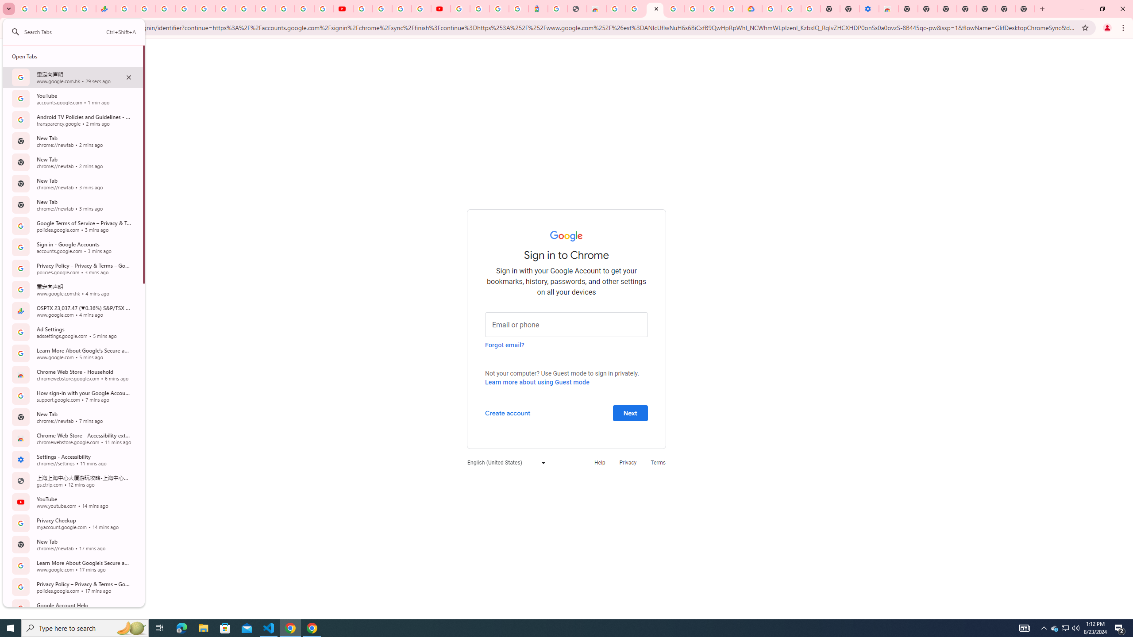  What do you see at coordinates (130, 627) in the screenshot?
I see `'Search highlights icon opens search home window'` at bounding box center [130, 627].